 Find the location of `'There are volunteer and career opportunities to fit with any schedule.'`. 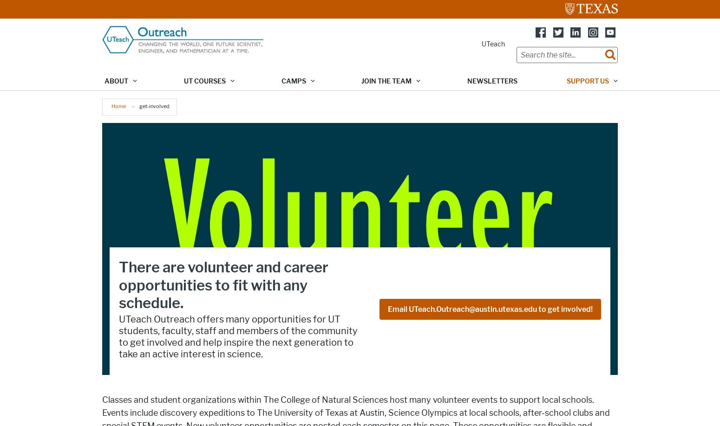

'There are volunteer and career opportunities to fit with any schedule.' is located at coordinates (223, 284).